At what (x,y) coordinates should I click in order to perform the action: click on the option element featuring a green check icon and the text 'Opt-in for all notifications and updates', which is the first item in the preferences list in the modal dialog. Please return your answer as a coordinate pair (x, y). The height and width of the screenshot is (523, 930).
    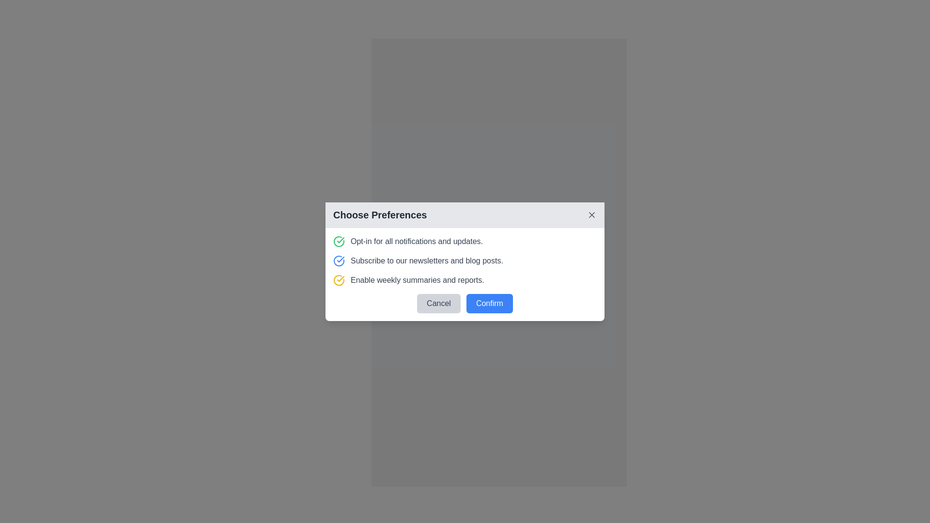
    Looking at the image, I should click on (465, 241).